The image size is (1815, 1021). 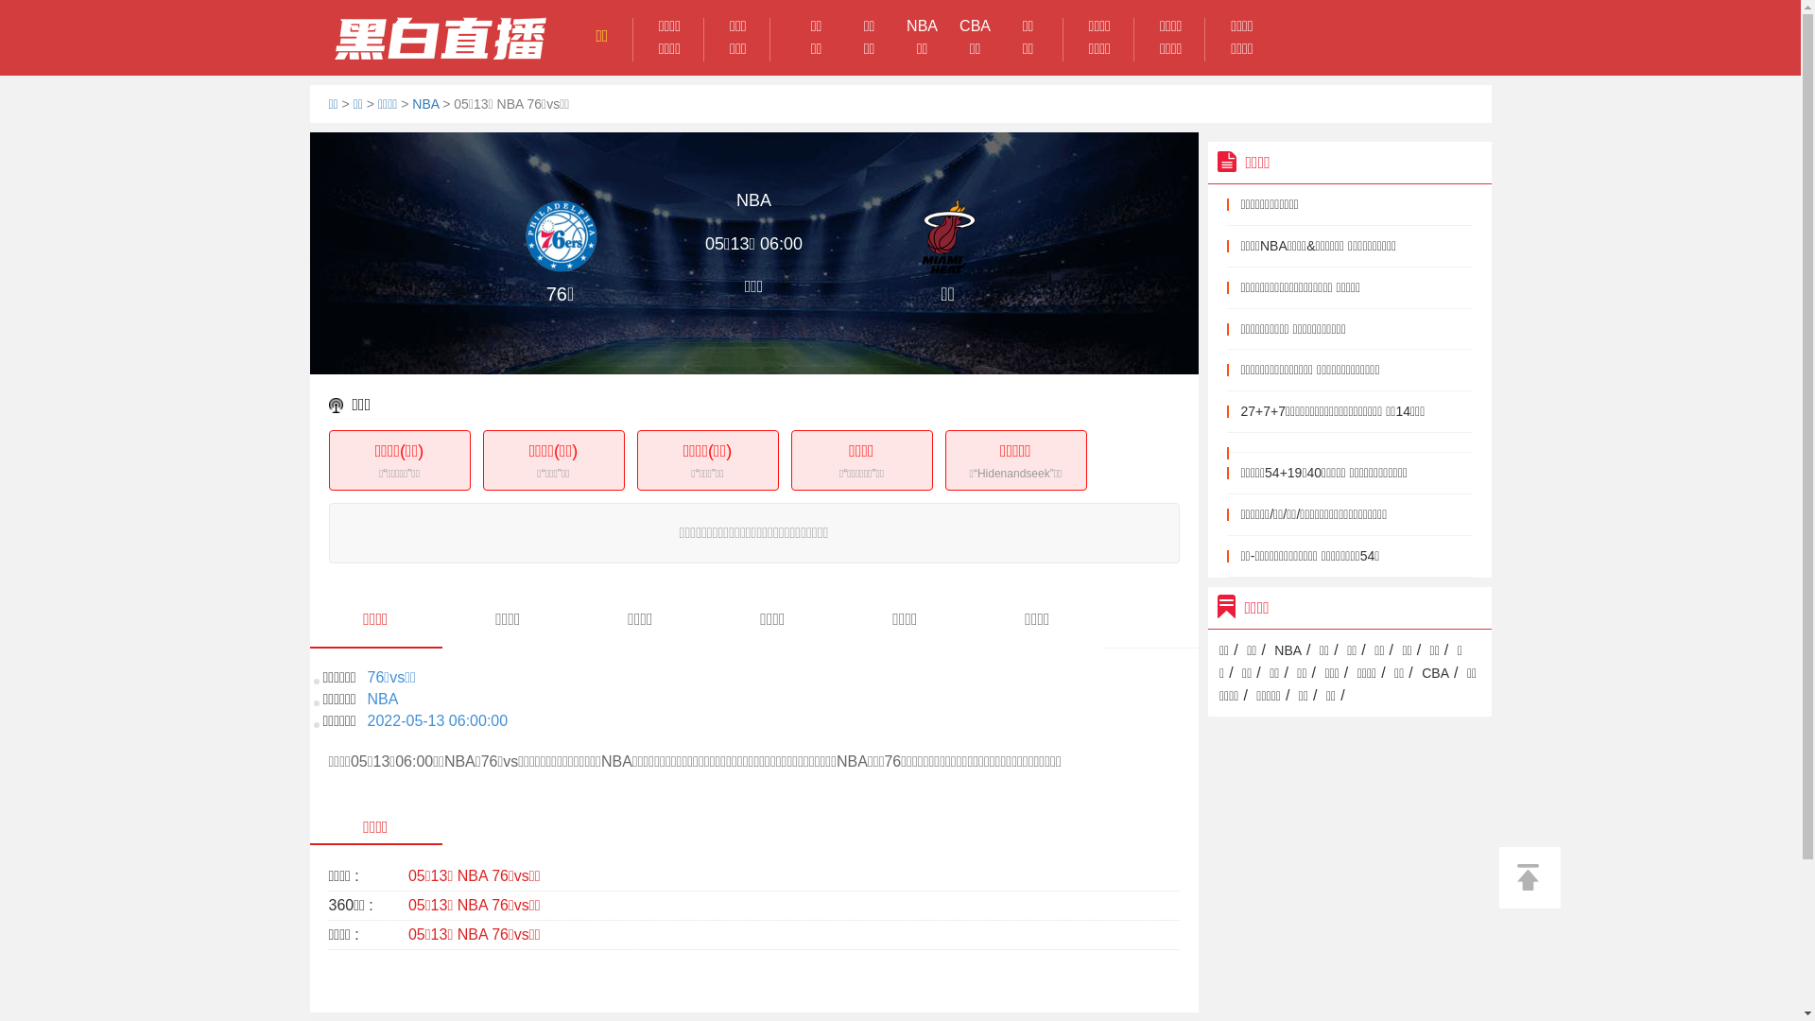 I want to click on 'NBA', so click(x=424, y=104).